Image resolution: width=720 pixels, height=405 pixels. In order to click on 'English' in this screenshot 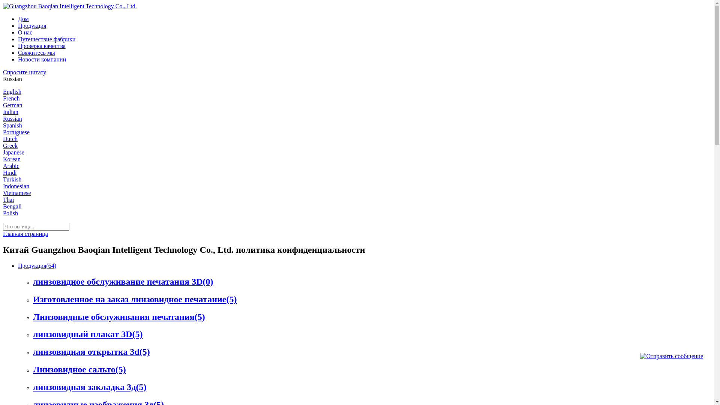, I will do `click(3, 91)`.